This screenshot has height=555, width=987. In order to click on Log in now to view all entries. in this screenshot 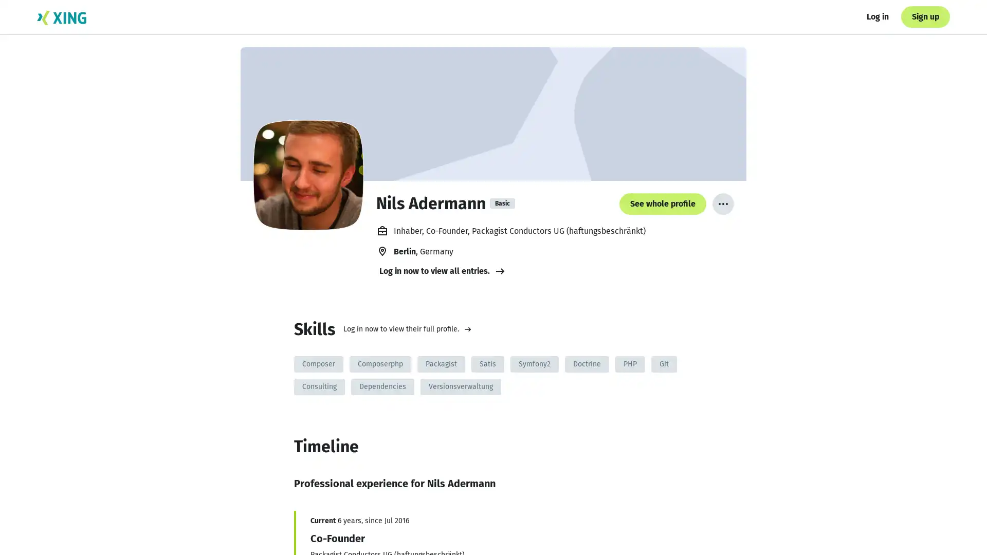, I will do `click(443, 271)`.